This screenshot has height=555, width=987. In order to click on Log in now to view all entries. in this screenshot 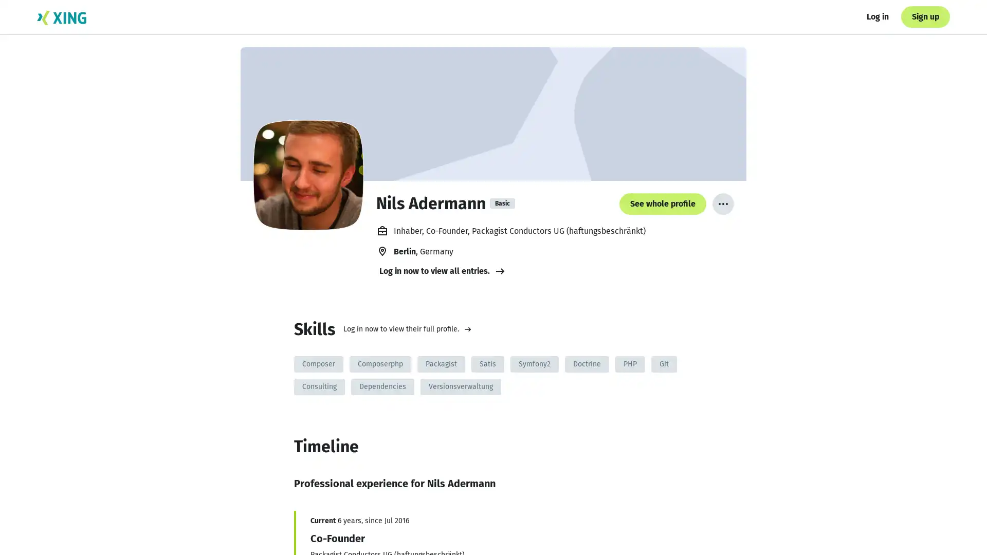, I will do `click(443, 271)`.